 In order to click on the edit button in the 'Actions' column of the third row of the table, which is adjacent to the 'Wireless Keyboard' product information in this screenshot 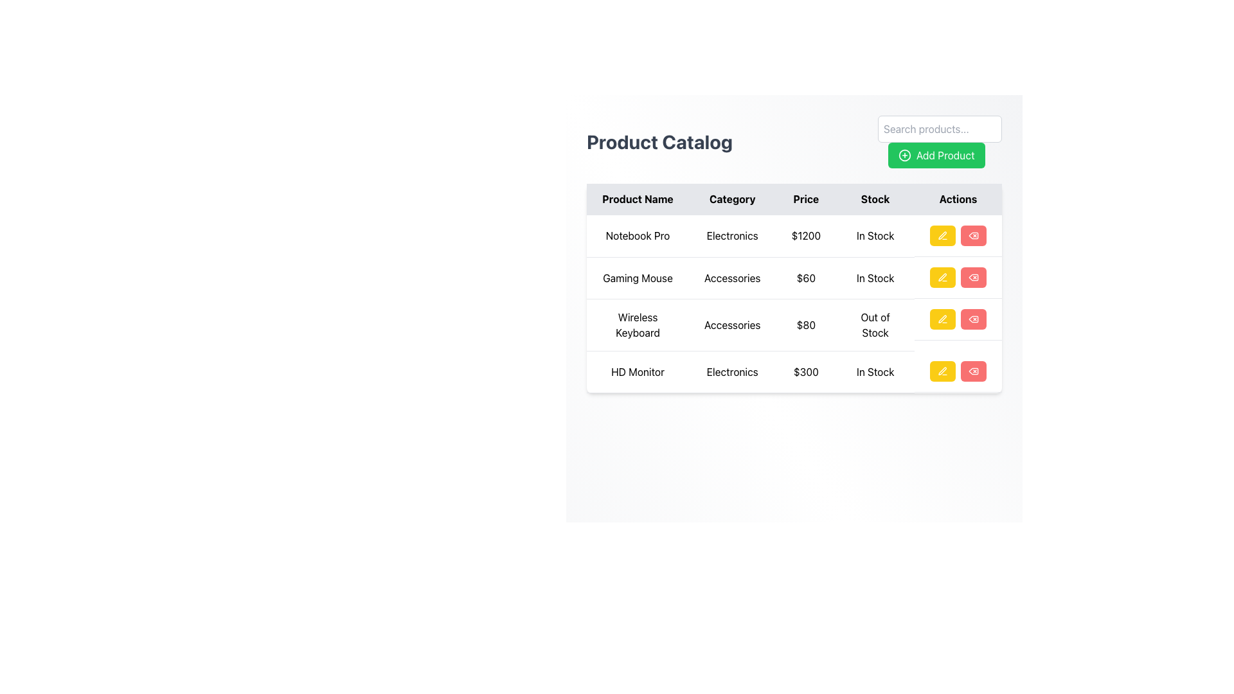, I will do `click(943, 319)`.